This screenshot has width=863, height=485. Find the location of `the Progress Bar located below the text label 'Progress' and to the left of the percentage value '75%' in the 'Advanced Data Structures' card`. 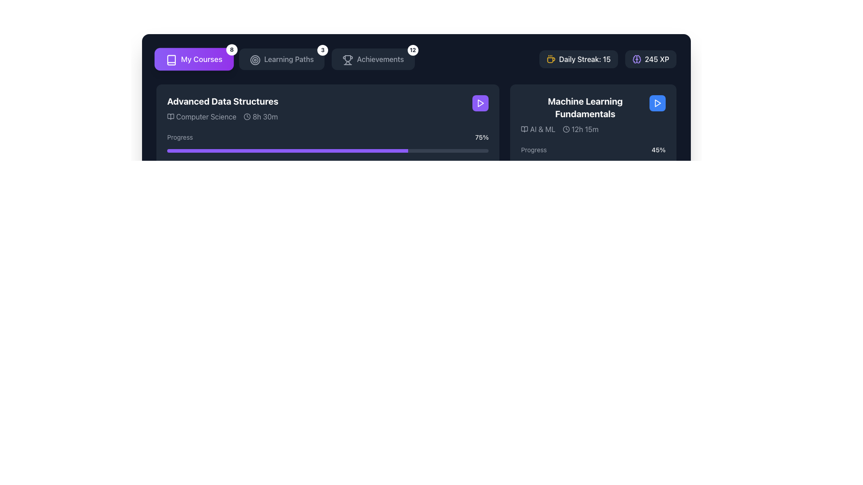

the Progress Bar located below the text label 'Progress' and to the left of the percentage value '75%' in the 'Advanced Data Structures' card is located at coordinates (327, 150).